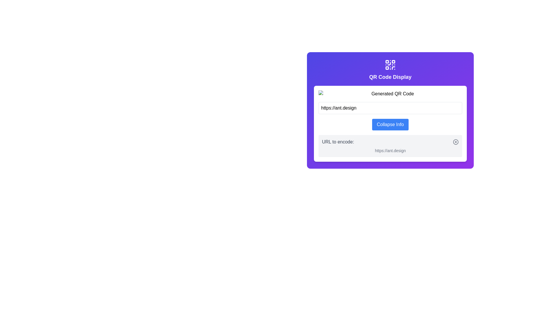 Image resolution: width=556 pixels, height=313 pixels. What do you see at coordinates (390, 65) in the screenshot?
I see `the QR code-style icon with a white design on a purple background, located at the top-center of the application interface, above the text 'QR Code Display.'` at bounding box center [390, 65].